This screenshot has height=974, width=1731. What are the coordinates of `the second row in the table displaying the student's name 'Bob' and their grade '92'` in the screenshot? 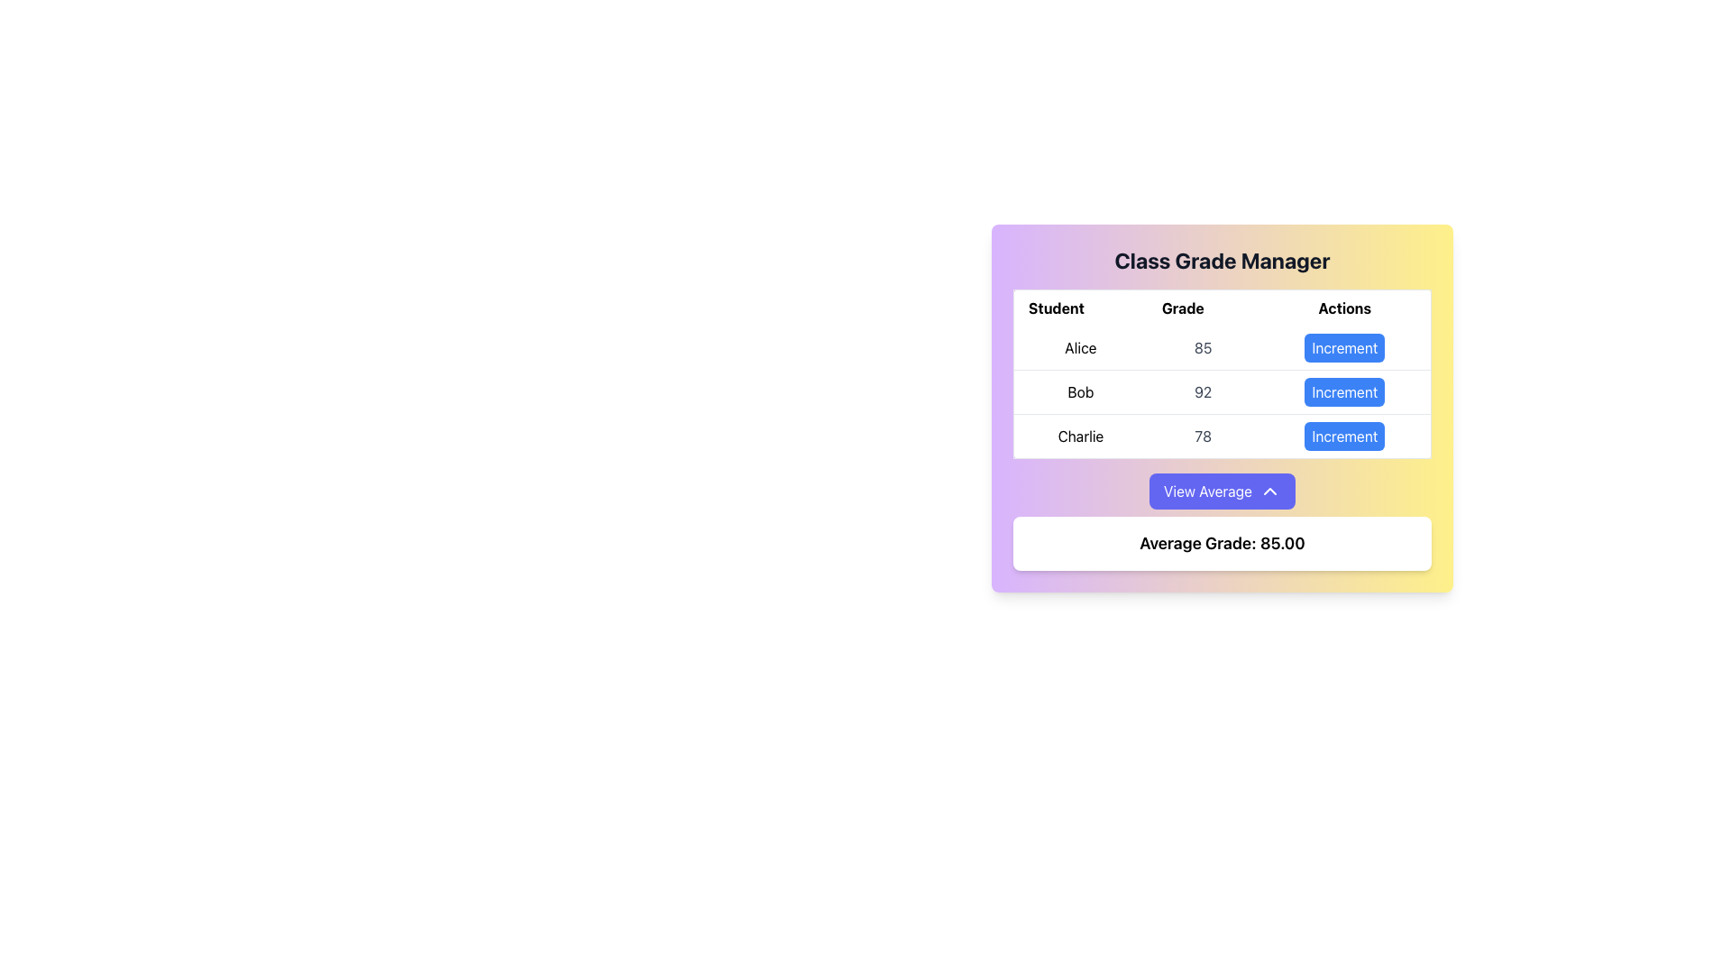 It's located at (1223, 408).